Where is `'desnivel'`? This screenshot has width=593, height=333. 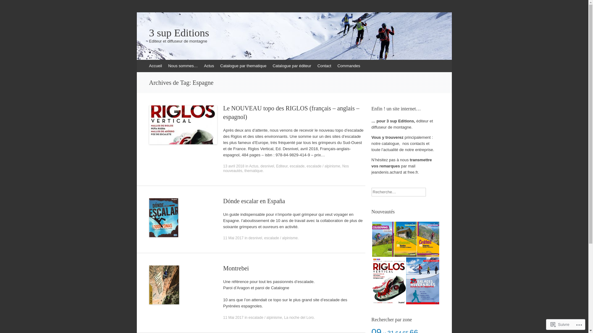
'desnivel' is located at coordinates (267, 166).